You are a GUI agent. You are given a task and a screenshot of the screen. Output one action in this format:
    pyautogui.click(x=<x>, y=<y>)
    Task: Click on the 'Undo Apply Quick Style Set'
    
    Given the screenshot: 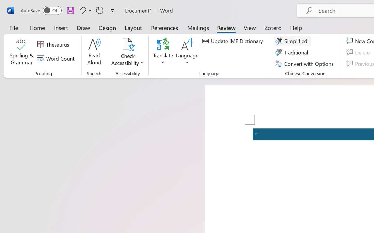 What is the action you would take?
    pyautogui.click(x=82, y=10)
    